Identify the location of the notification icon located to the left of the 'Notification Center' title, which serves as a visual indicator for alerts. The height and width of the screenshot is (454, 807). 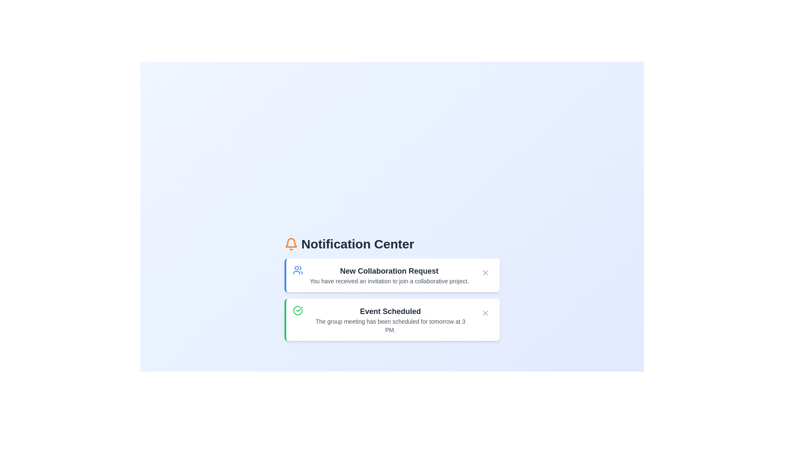
(291, 244).